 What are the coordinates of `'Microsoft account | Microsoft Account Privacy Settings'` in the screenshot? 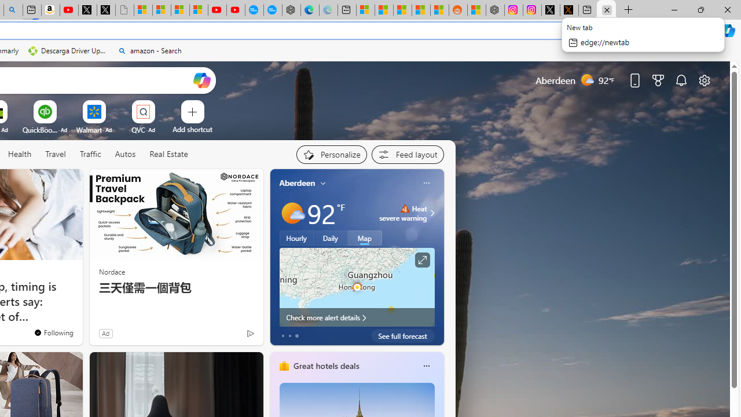 It's located at (365, 10).